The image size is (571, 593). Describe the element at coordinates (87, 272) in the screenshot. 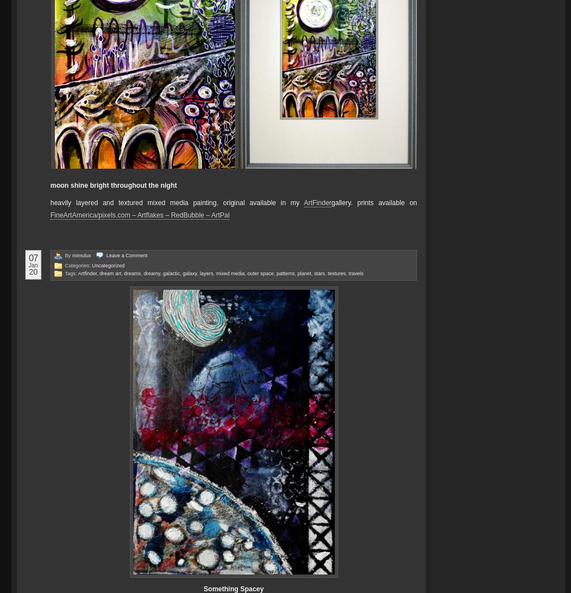

I see `'Artfinder'` at that location.